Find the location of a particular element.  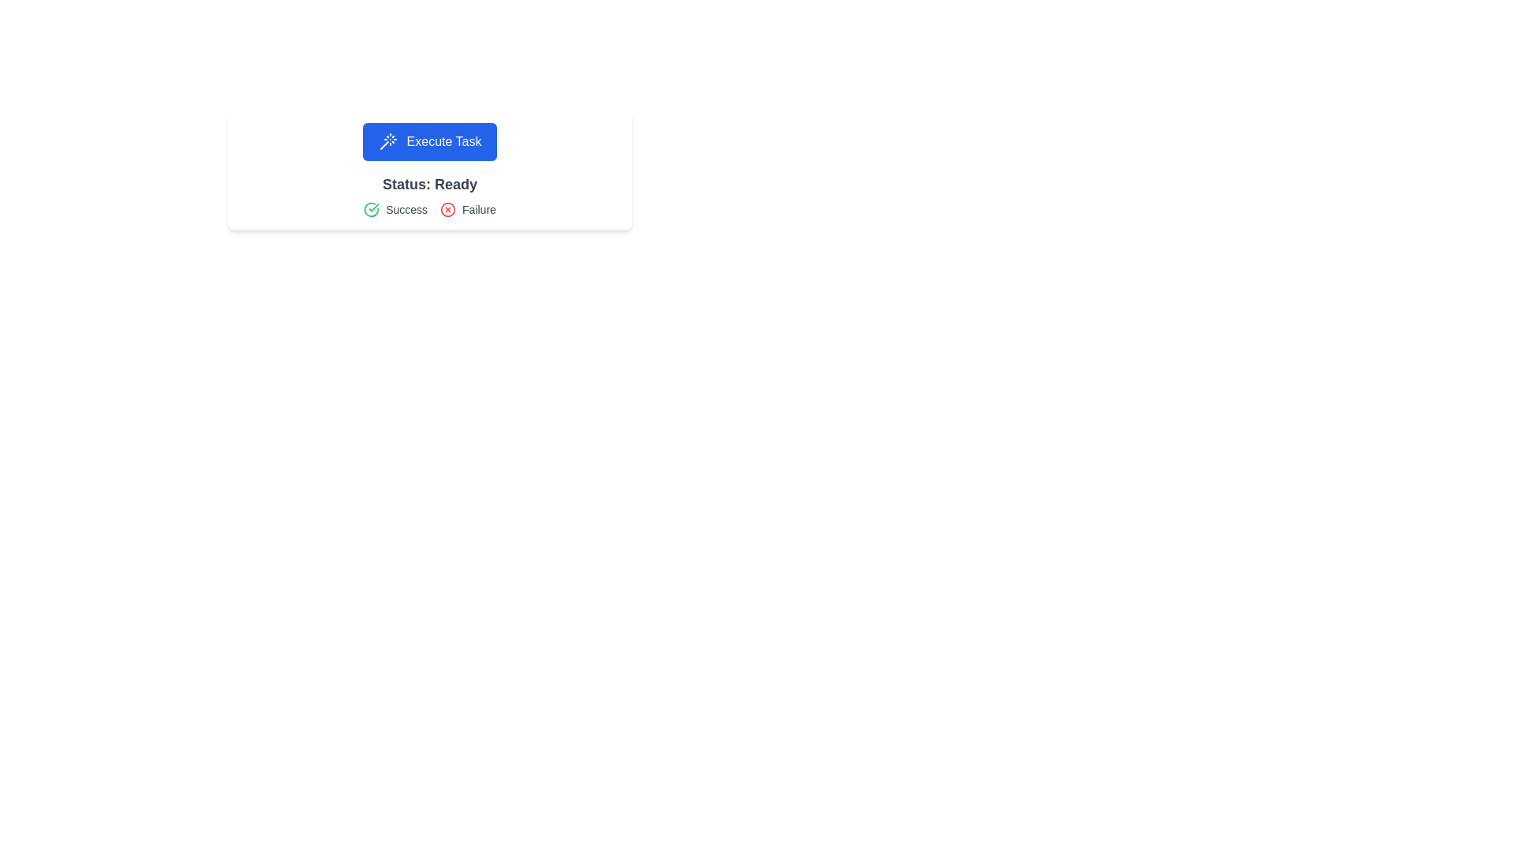

the 'Execute Task' text label located within the blue button at the top-center of the interface is located at coordinates (443, 142).